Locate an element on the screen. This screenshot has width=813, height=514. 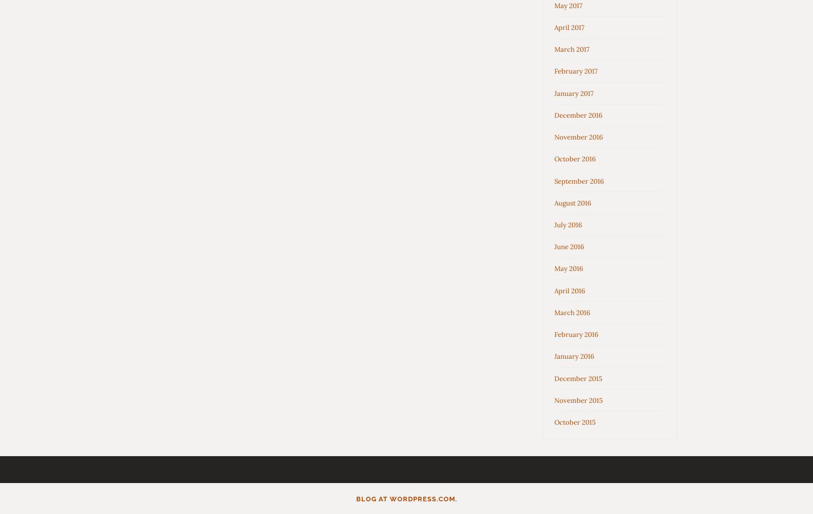
'December 2015' is located at coordinates (578, 378).